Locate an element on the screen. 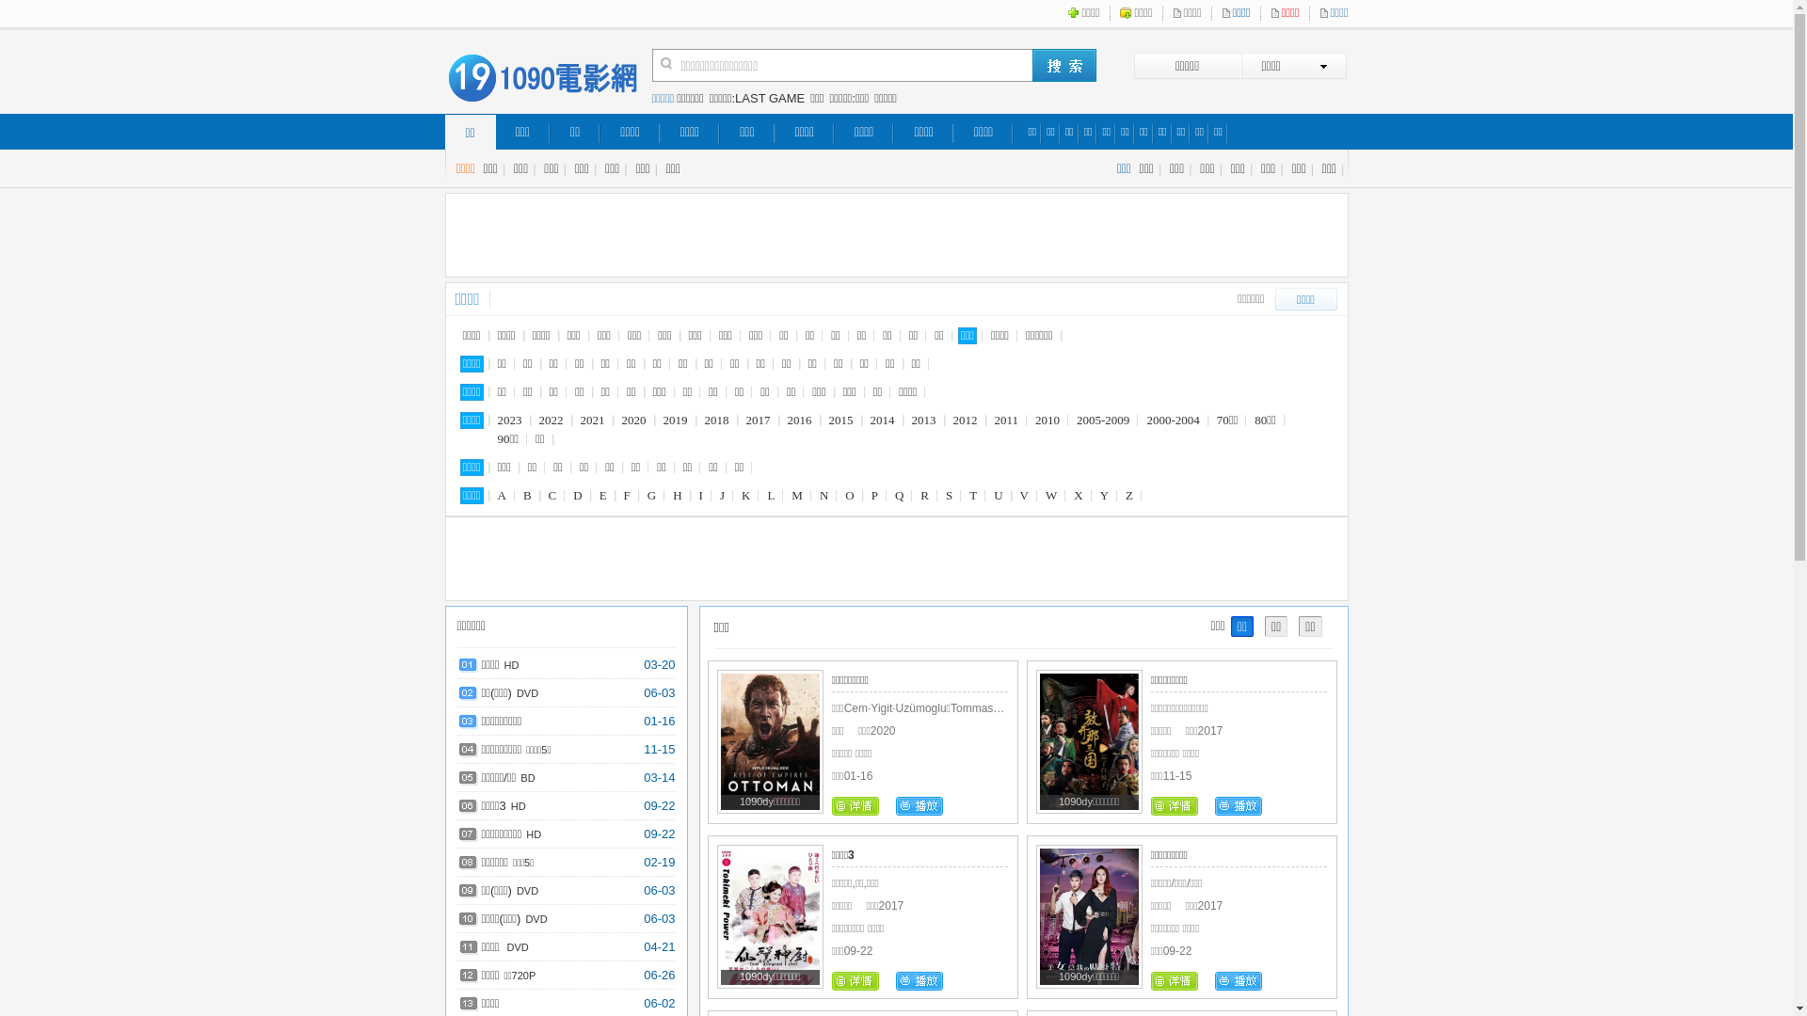 Image resolution: width=1807 pixels, height=1016 pixels. '2005-2009' is located at coordinates (1074, 420).